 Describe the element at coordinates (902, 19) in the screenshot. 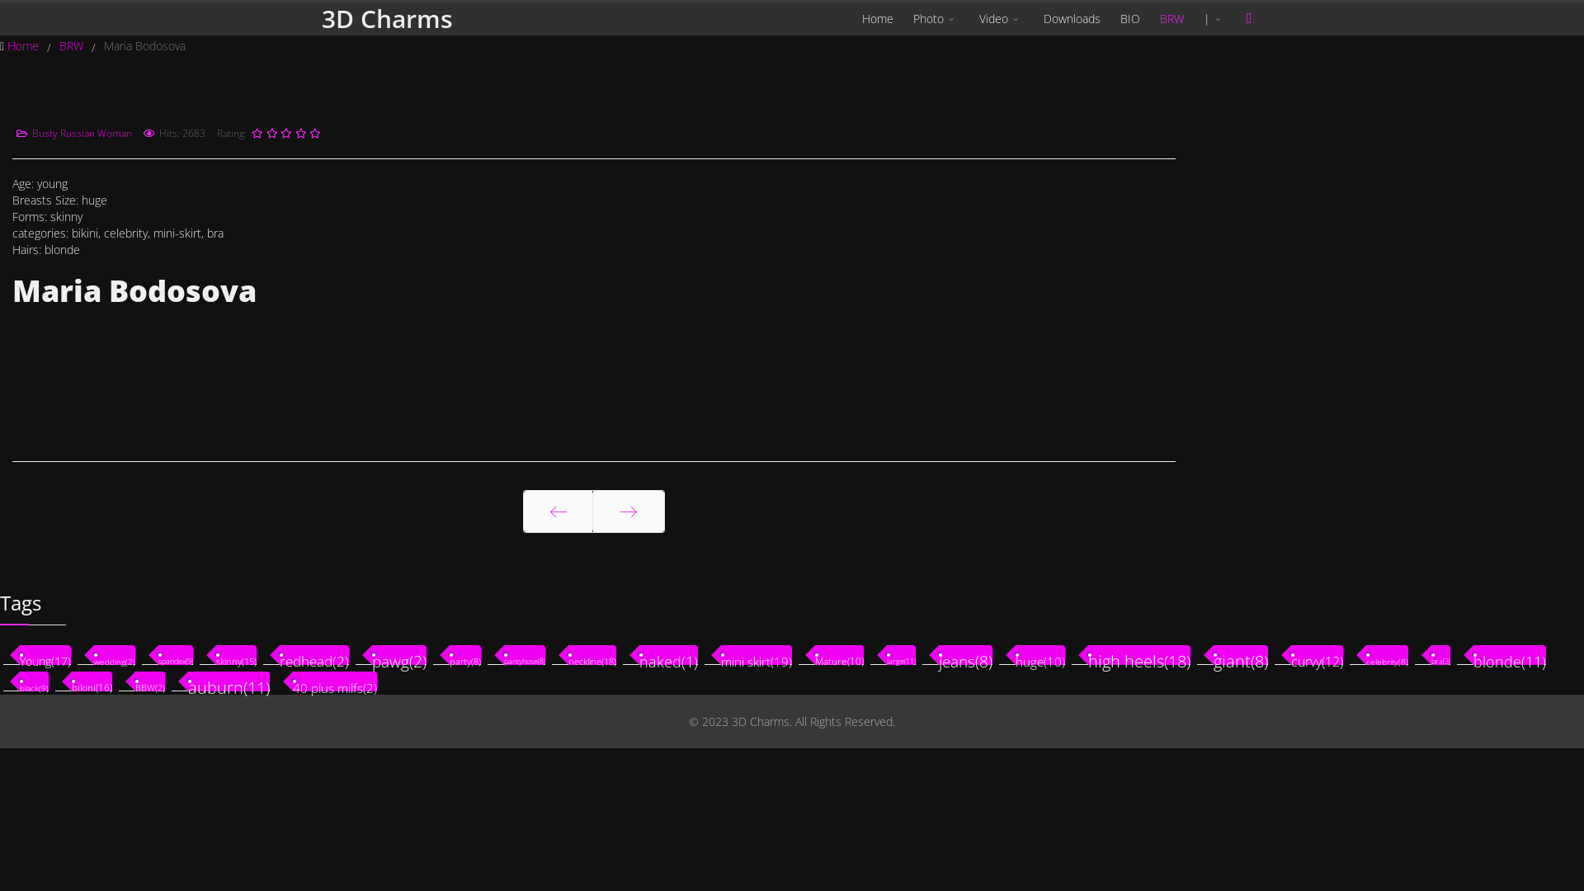

I see `'Photo'` at that location.